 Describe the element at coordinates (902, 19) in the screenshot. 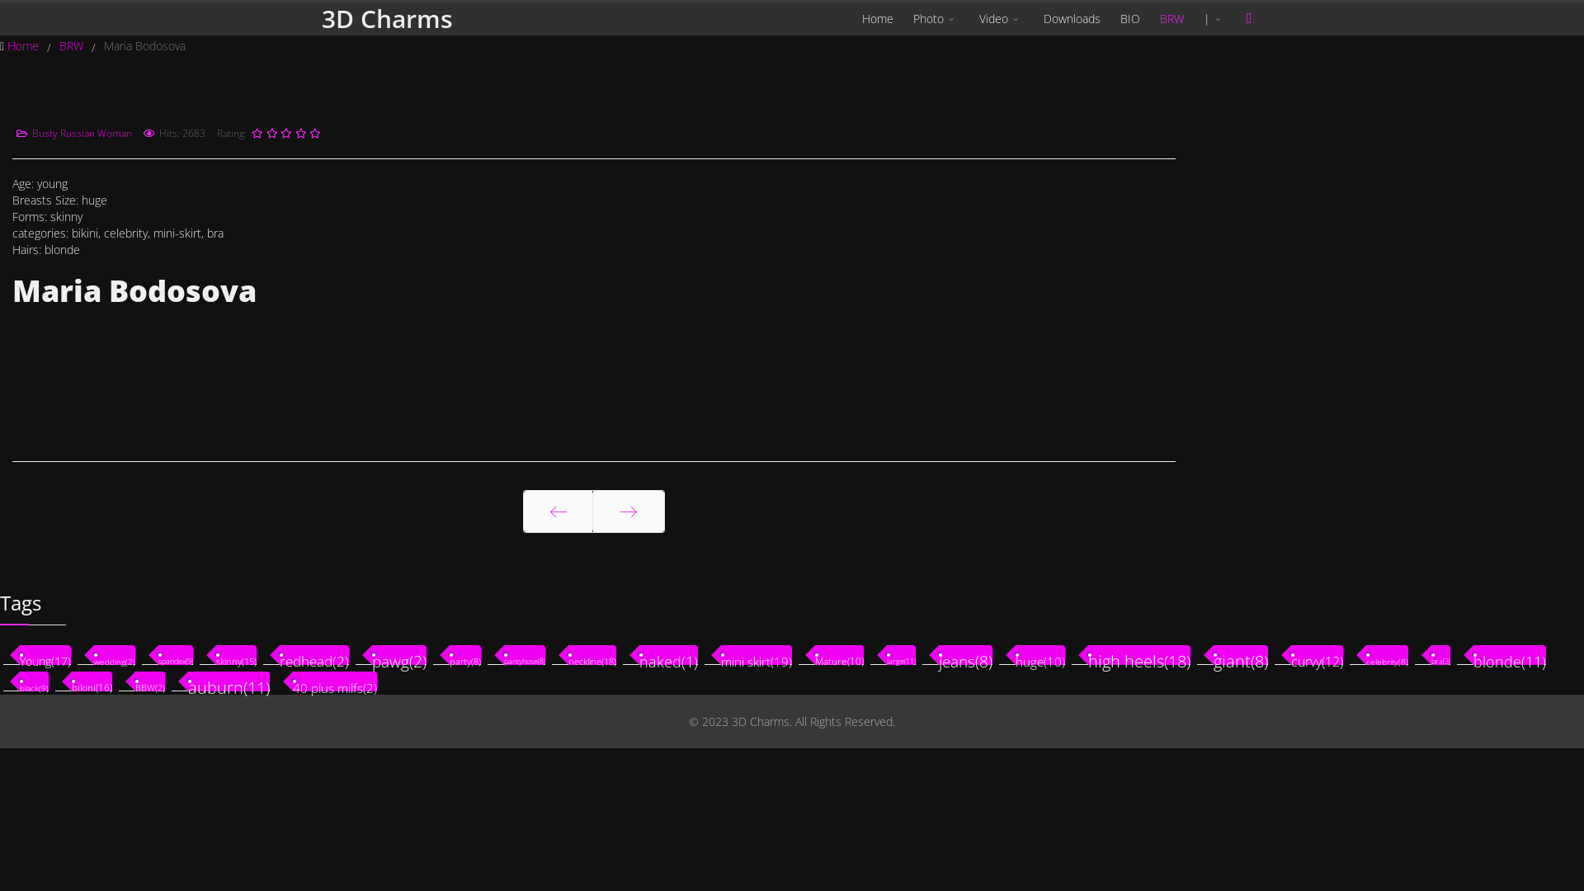

I see `'Photo'` at that location.